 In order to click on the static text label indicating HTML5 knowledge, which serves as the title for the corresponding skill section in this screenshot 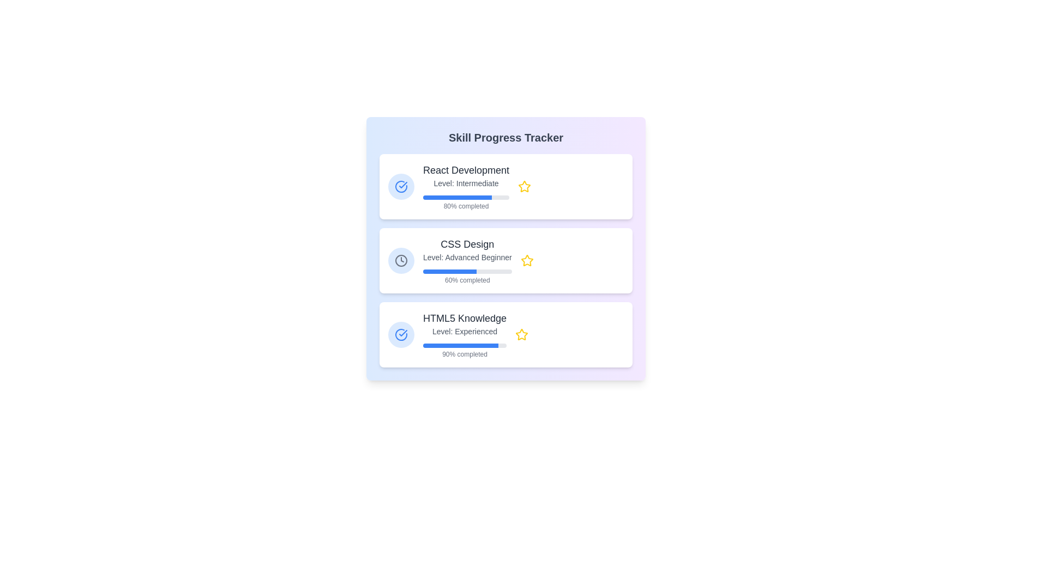, I will do `click(465, 318)`.